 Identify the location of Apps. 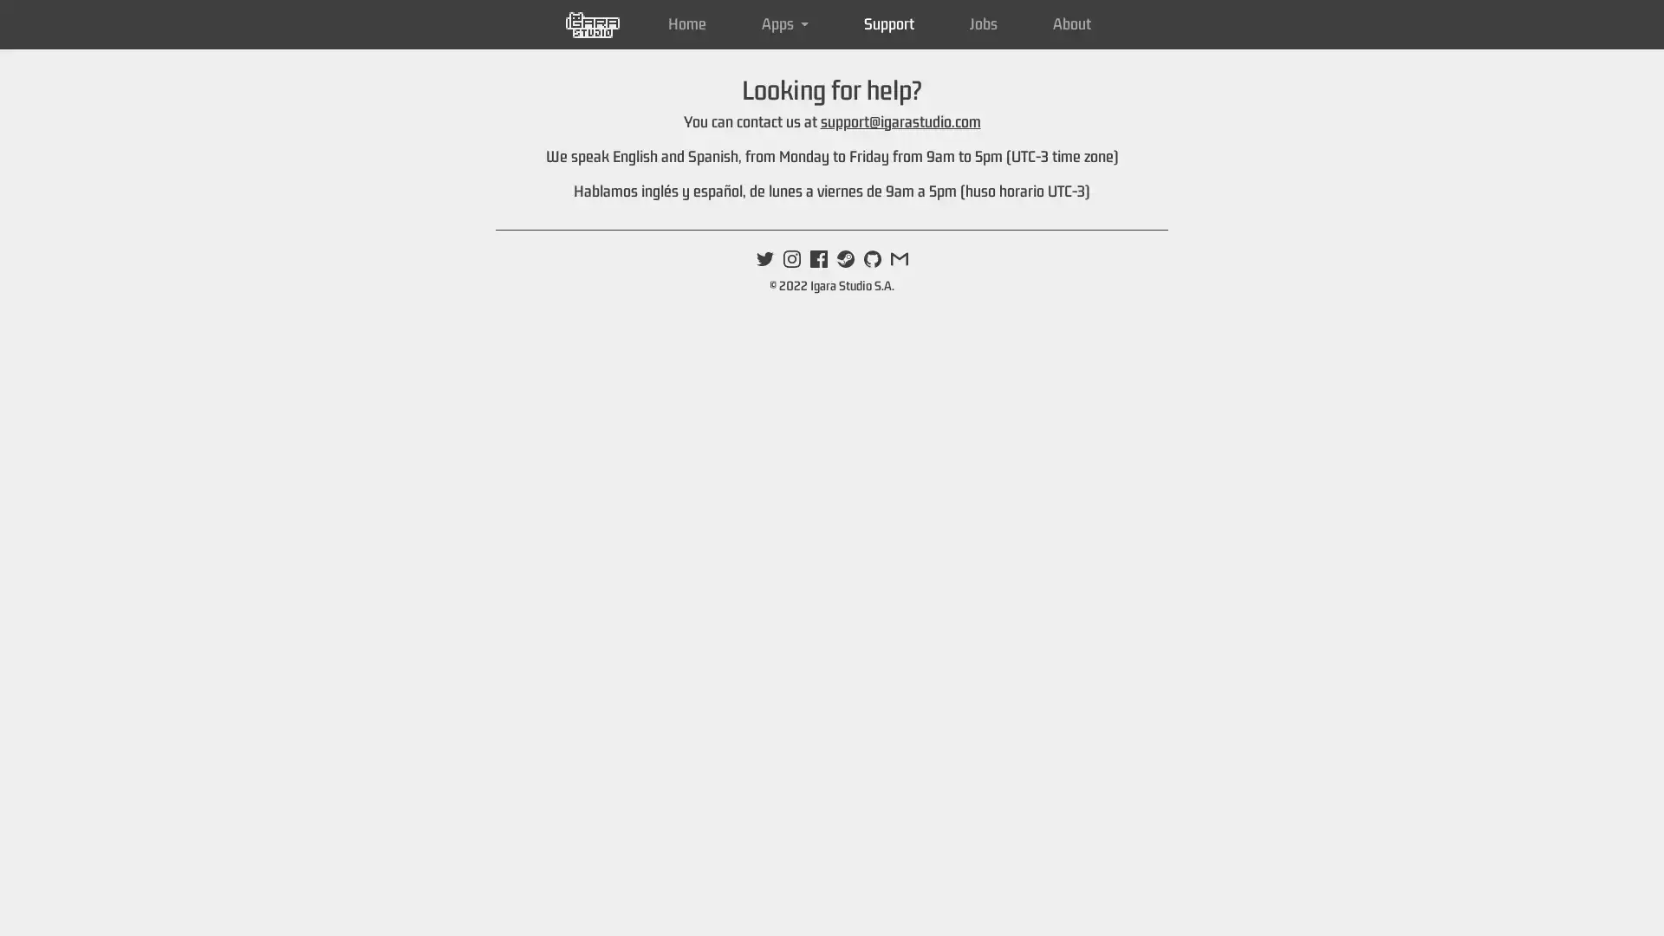
(783, 23).